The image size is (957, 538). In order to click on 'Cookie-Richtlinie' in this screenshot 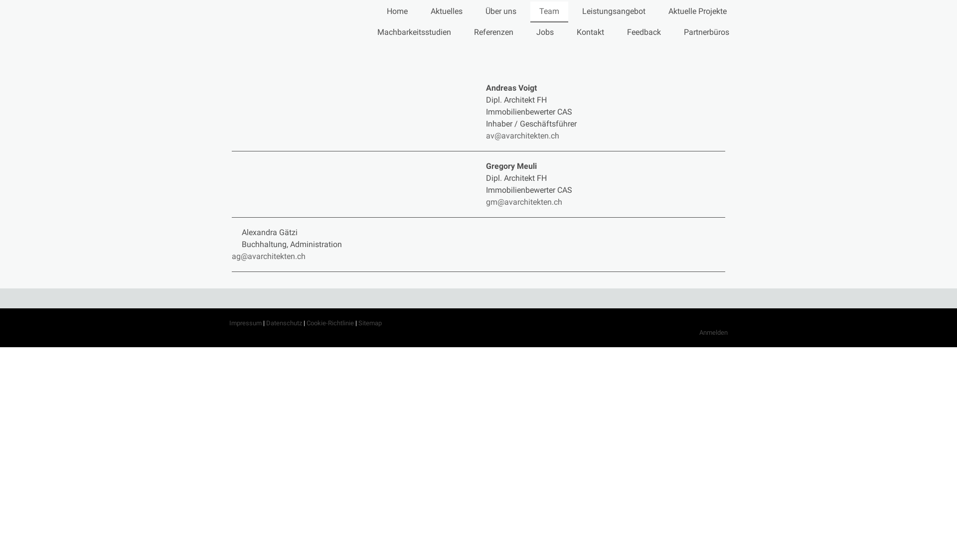, I will do `click(330, 323)`.